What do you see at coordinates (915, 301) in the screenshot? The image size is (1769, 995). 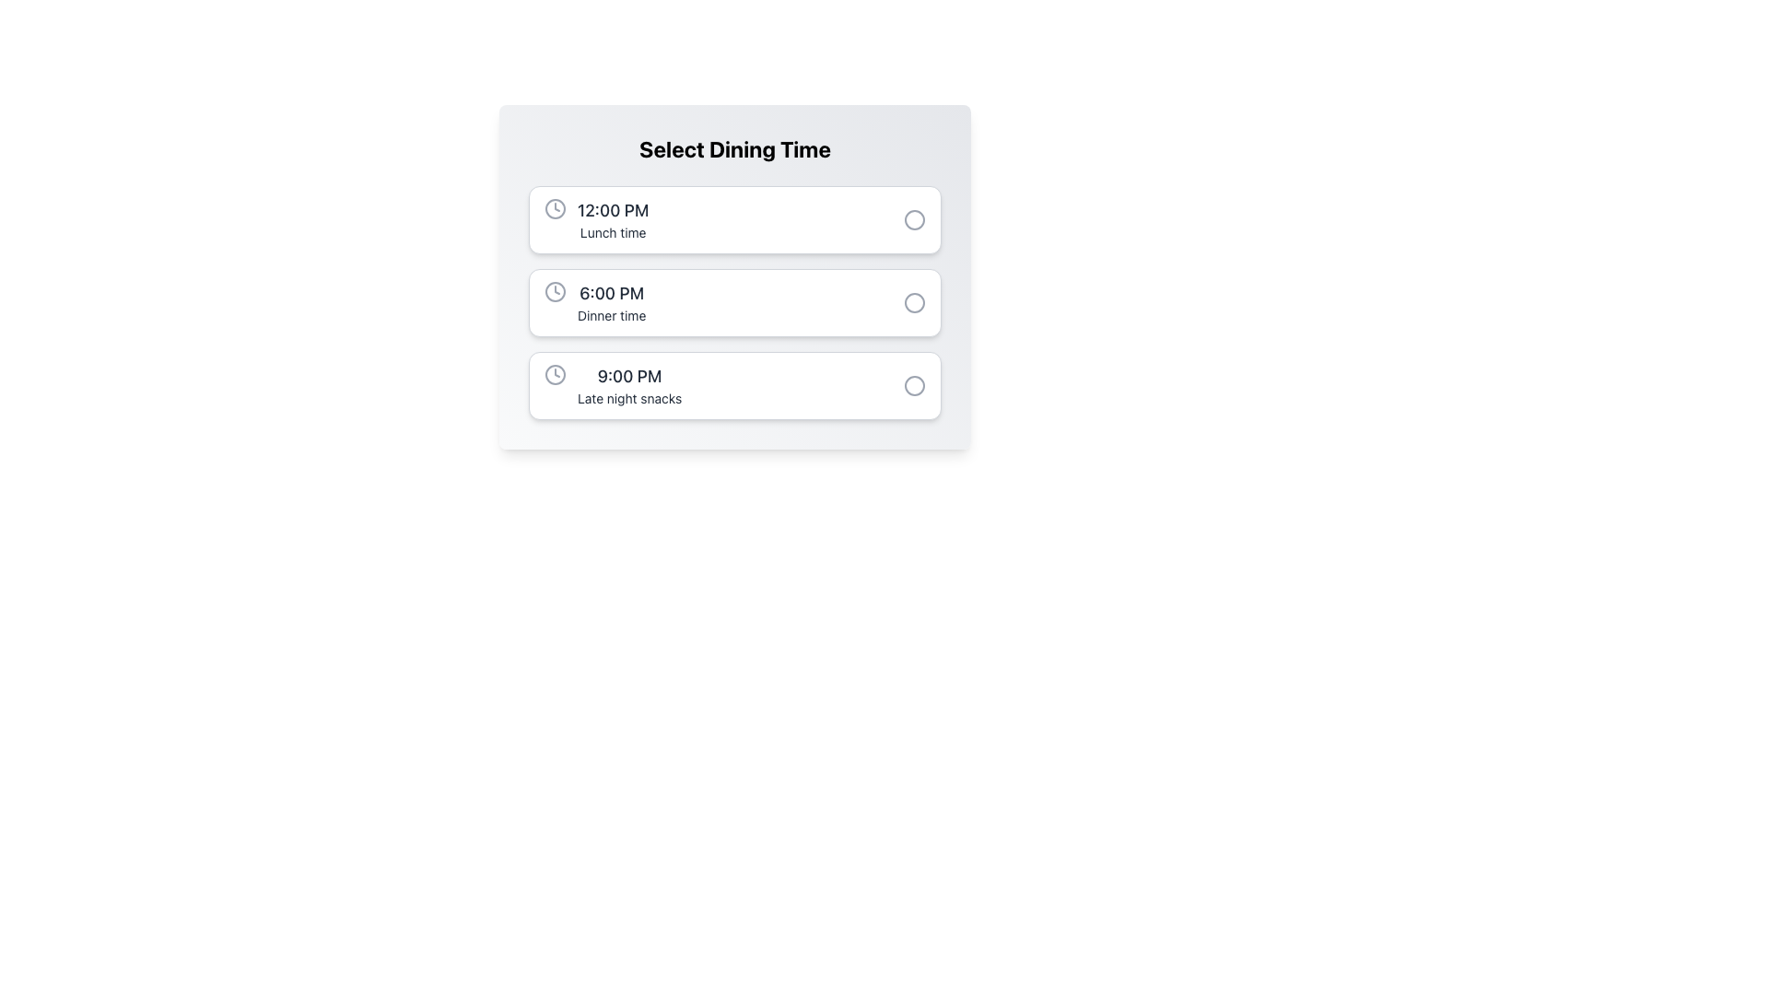 I see `the SVG circular control styled as a hollow circle with a gray stroke, located to the right of the '6:00 PM Dinner time' text` at bounding box center [915, 301].